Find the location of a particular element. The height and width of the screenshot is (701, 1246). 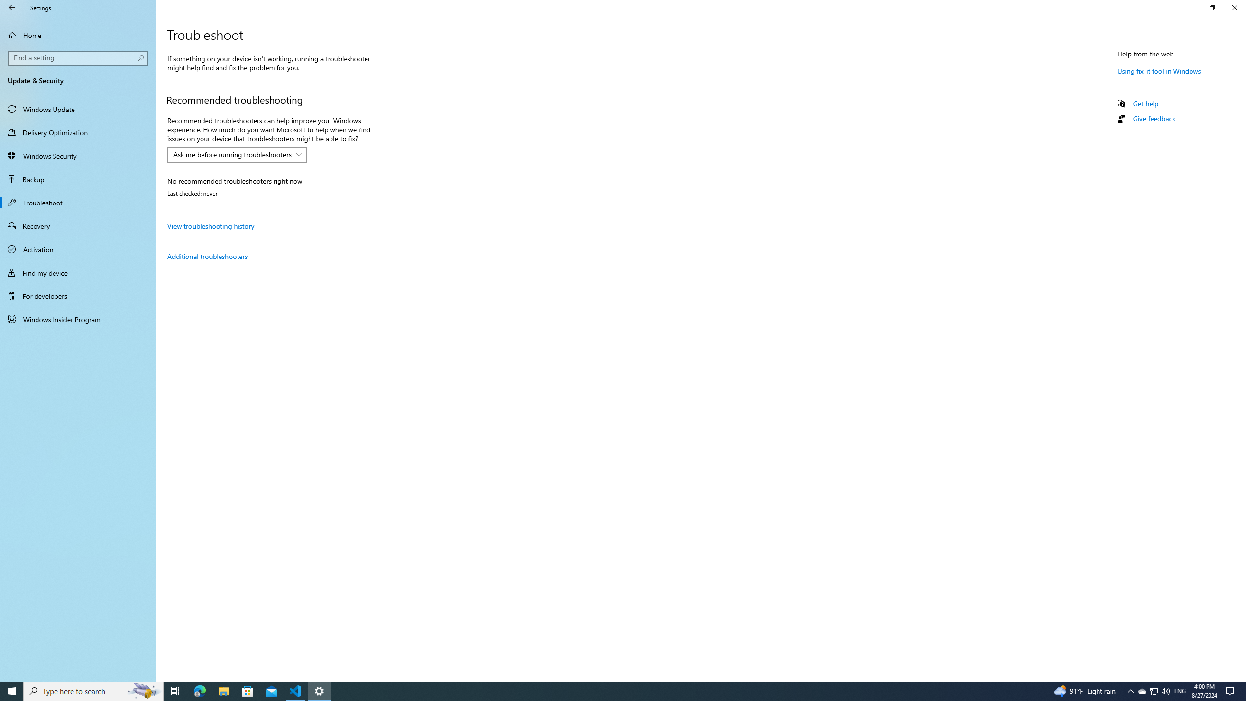

'Activation' is located at coordinates (77, 248).